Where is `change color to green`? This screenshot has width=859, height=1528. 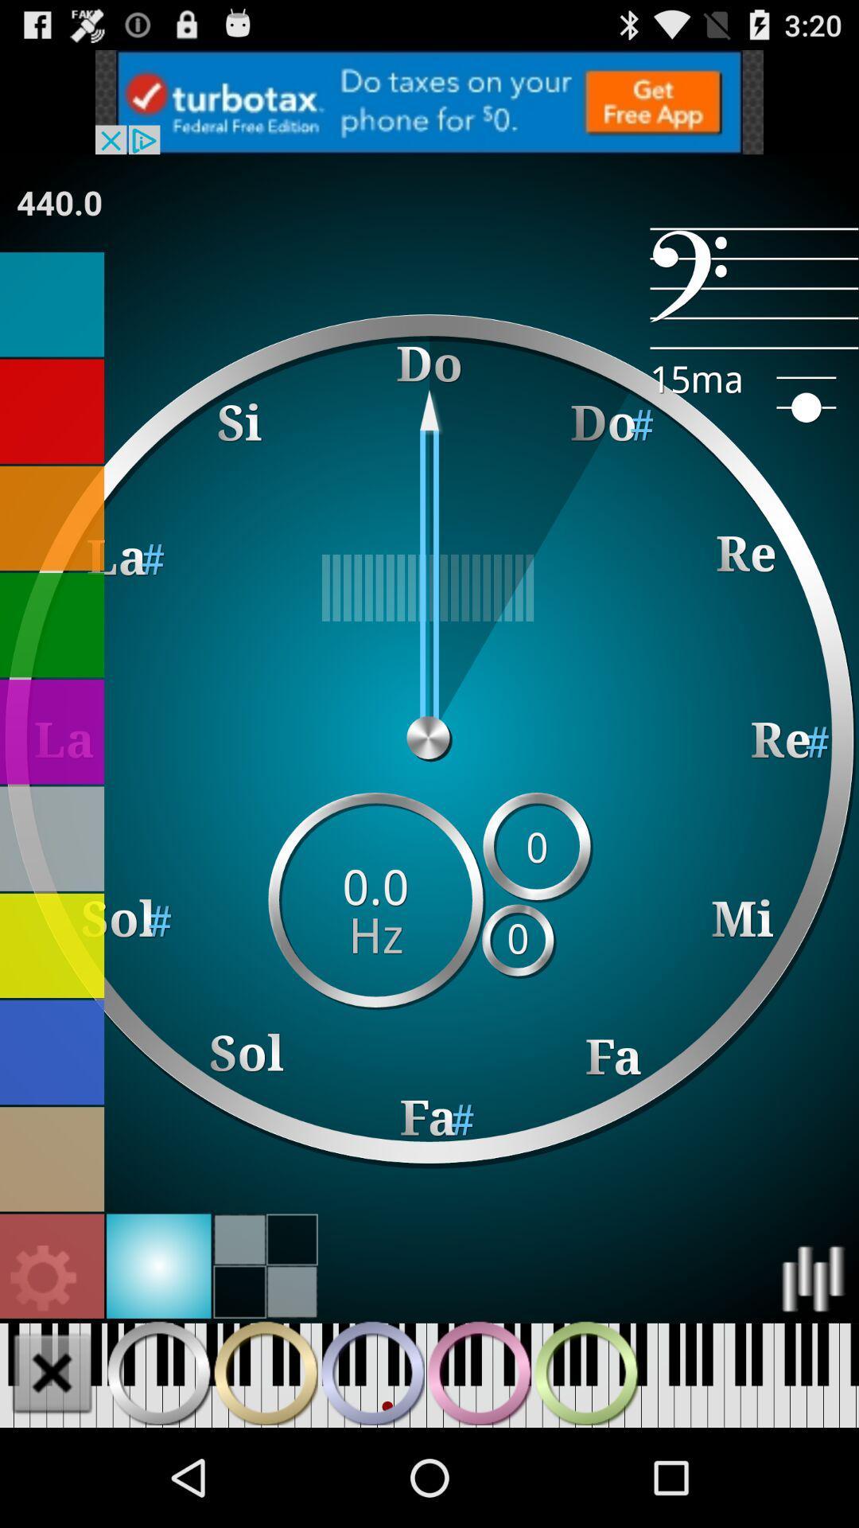
change color to green is located at coordinates (51, 624).